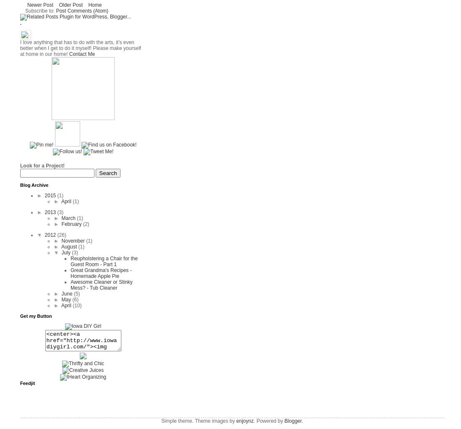  Describe the element at coordinates (235, 421) in the screenshot. I see `'enjoynz'` at that location.